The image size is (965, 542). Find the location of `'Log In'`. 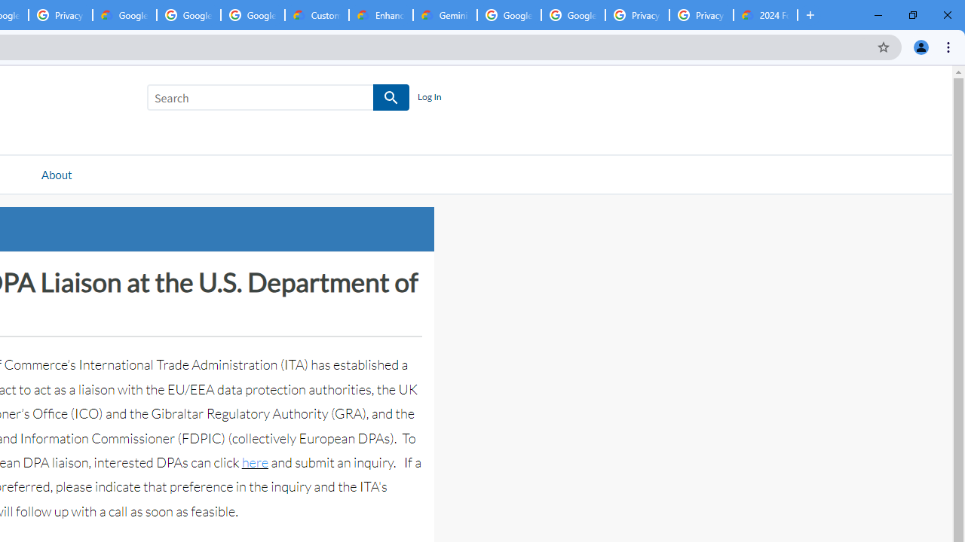

'Log In' is located at coordinates (428, 97).